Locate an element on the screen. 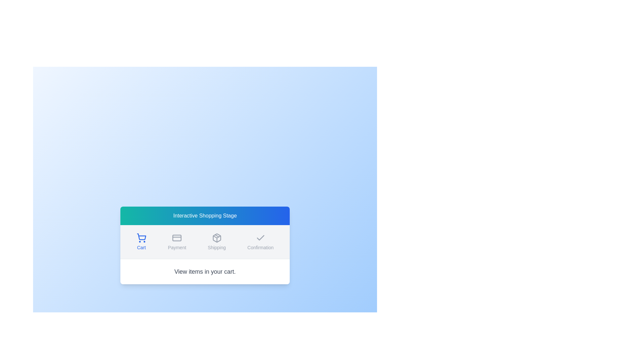 The image size is (635, 357). the upward pointing triangular arrow shape, which is part of the SVG graphic under the title 'Shipping' is located at coordinates (217, 236).